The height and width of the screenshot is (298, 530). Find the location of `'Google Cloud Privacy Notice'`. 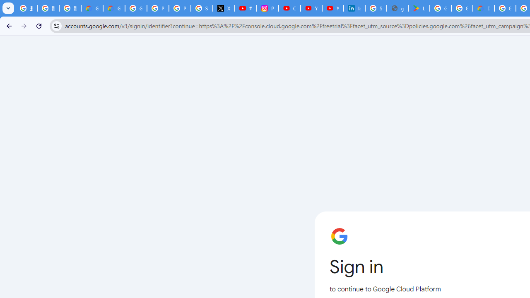

'Google Cloud Privacy Notice' is located at coordinates (113, 8).